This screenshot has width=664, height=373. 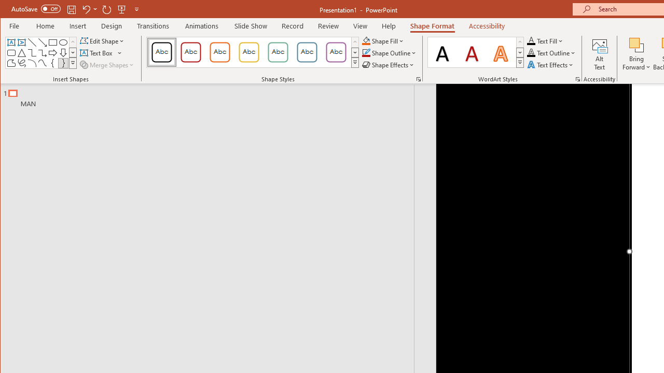 What do you see at coordinates (475, 52) in the screenshot?
I see `'AutomationID: TextStylesGallery'` at bounding box center [475, 52].